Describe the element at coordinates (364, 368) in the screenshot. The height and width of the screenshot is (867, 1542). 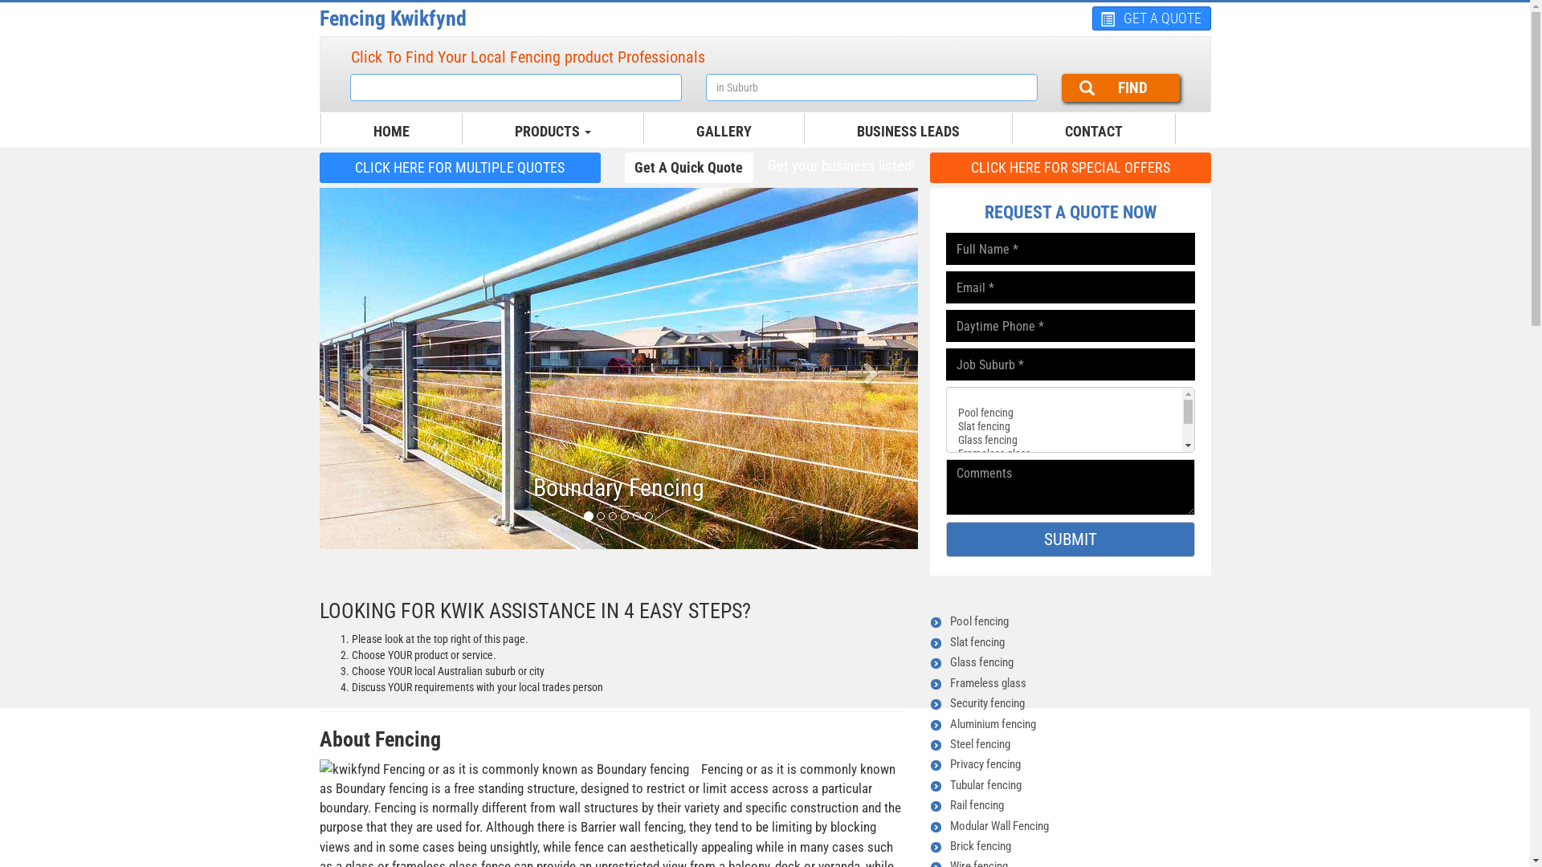
I see `'Previous'` at that location.